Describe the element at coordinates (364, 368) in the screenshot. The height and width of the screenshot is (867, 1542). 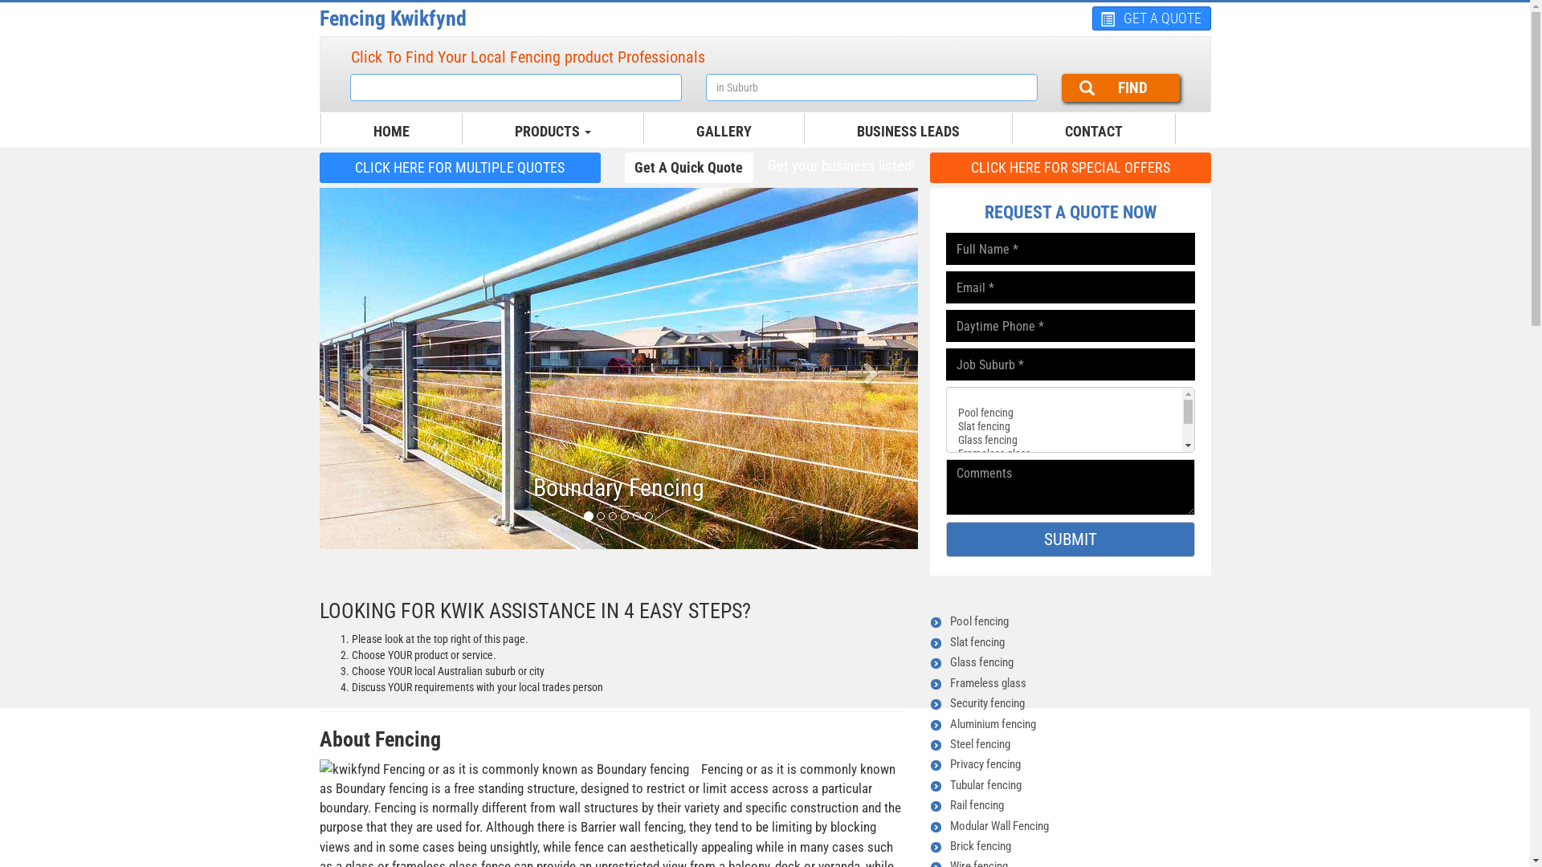
I see `'Previous'` at that location.